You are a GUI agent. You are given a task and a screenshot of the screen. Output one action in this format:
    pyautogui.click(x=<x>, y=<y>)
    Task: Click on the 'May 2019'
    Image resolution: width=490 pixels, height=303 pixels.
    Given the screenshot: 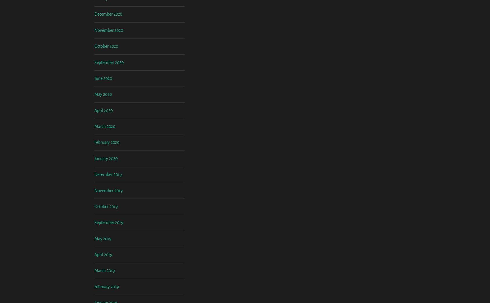 What is the action you would take?
    pyautogui.click(x=94, y=286)
    